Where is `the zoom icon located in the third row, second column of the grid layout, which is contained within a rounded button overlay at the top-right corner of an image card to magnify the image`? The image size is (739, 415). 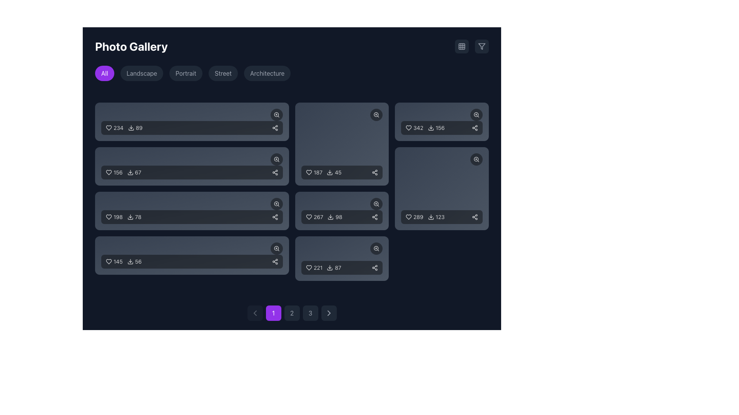
the zoom icon located in the third row, second column of the grid layout, which is contained within a rounded button overlay at the top-right corner of an image card to magnify the image is located at coordinates (276, 204).